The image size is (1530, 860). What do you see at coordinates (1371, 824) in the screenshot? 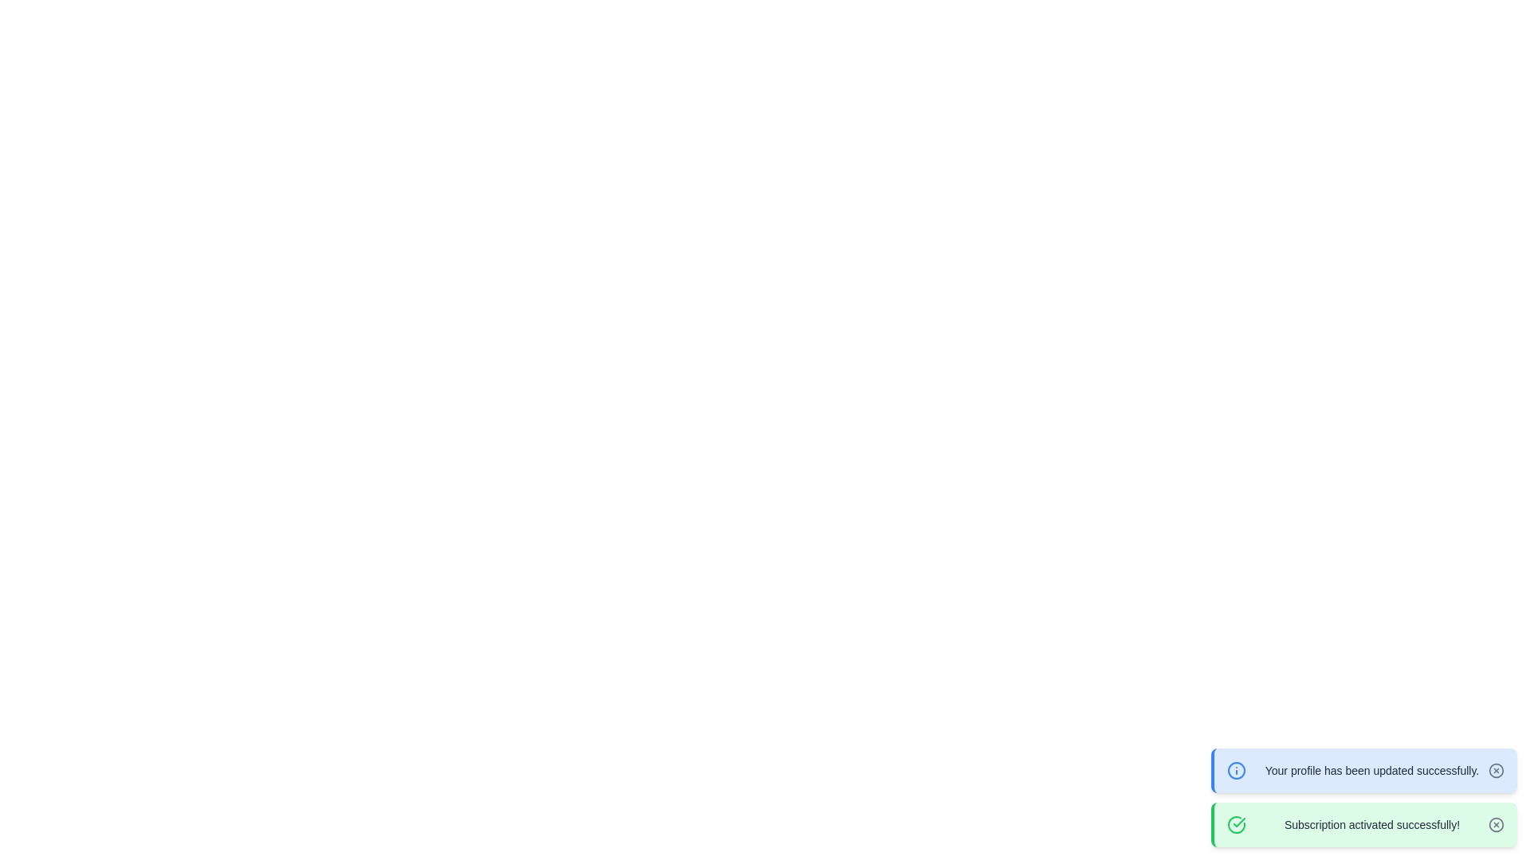
I see `the confirmation message static text indicating successful subscription activation, which is displayed in a notification box with a light green background and green border` at bounding box center [1371, 824].